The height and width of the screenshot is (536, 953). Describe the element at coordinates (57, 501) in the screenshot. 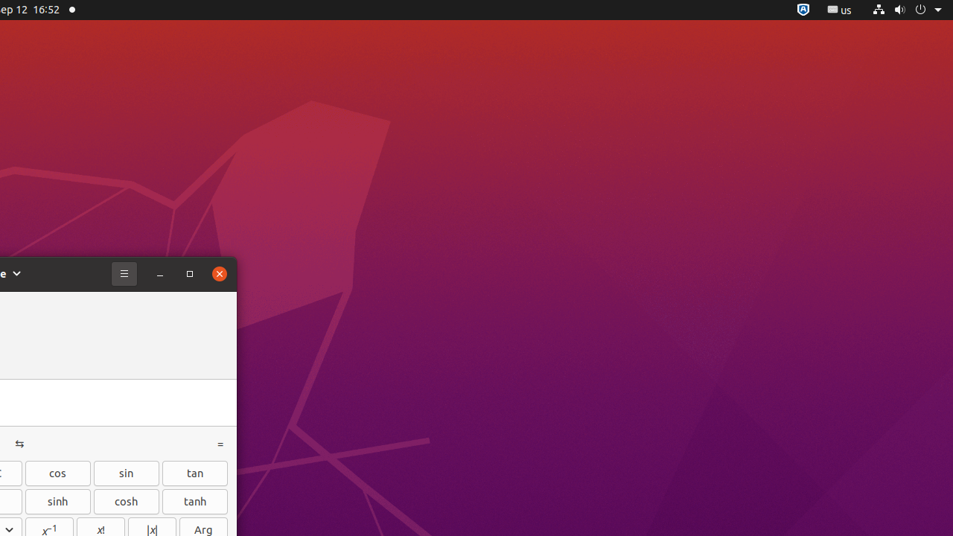

I see `'sinh'` at that location.